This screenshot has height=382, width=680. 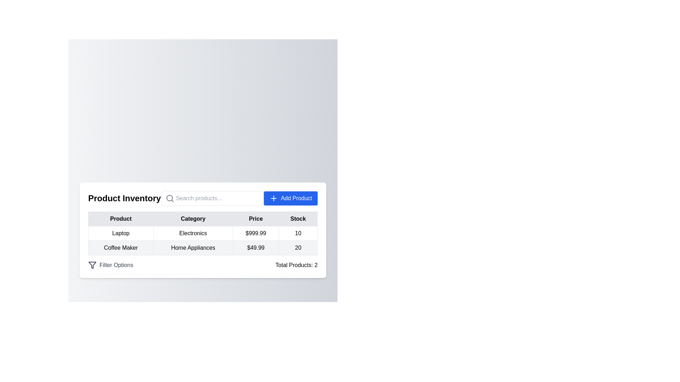 What do you see at coordinates (255, 233) in the screenshot?
I see `price displayed in the text label showing '$999.99', positioned in the 'Price' column of the table` at bounding box center [255, 233].